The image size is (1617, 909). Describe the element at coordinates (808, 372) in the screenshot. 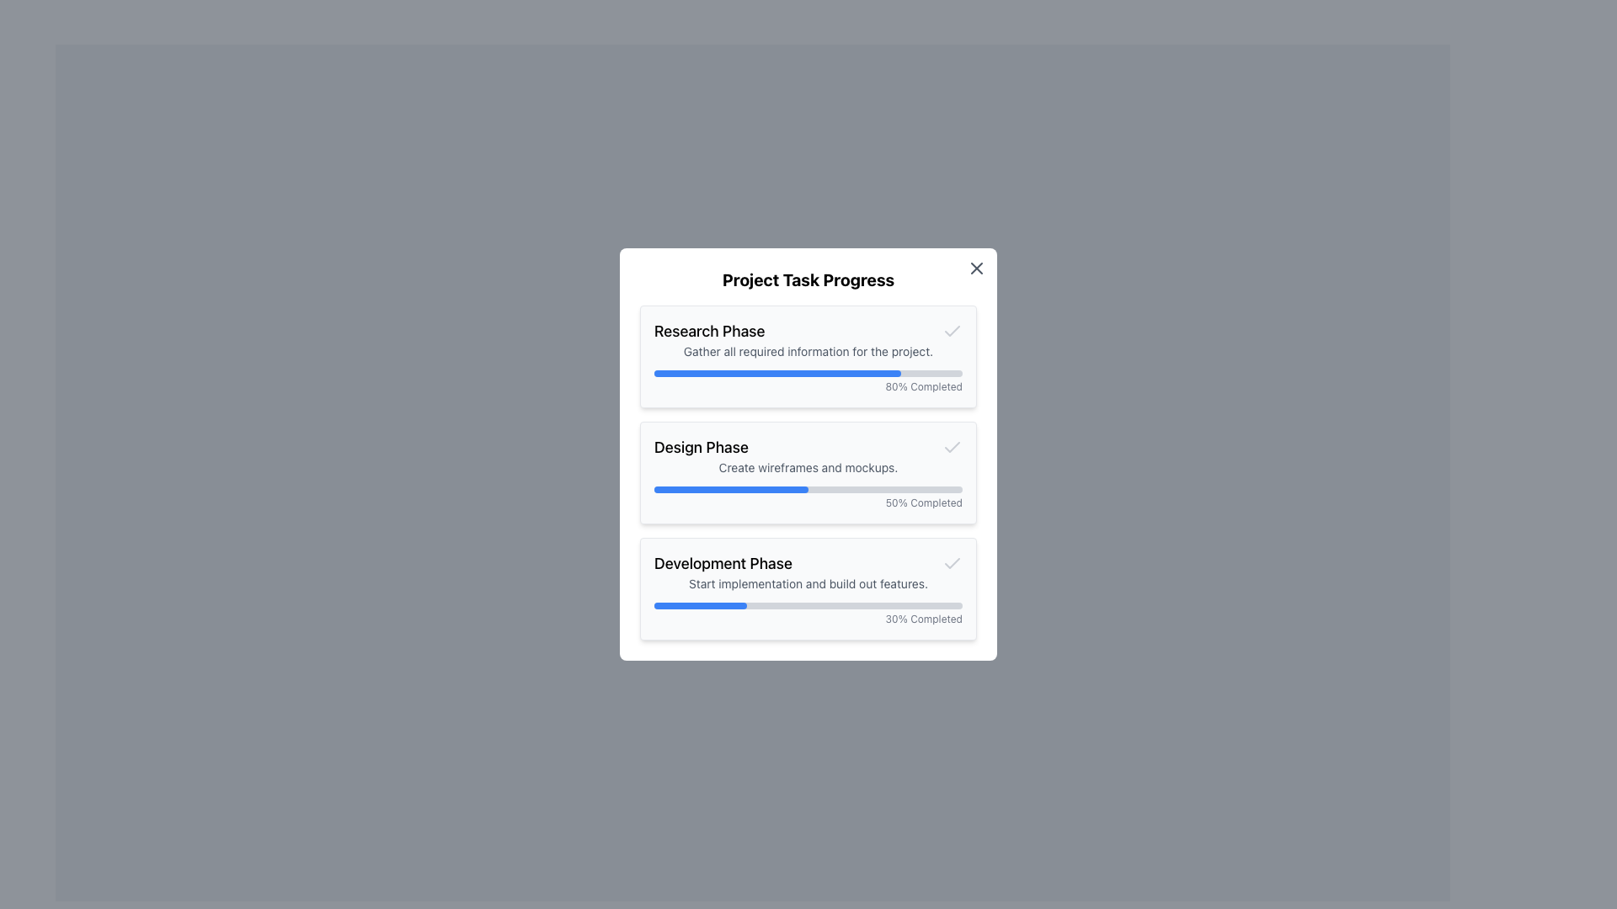

I see `the progress bar in the 'Research Phase' section of the 'Project Task Progress' interface, which is styled with a light gray background and filled with blue color covering 80% of its length` at that location.